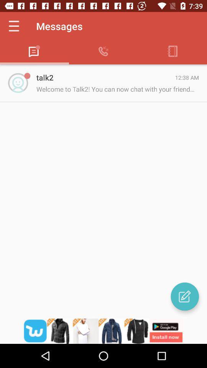 This screenshot has height=368, width=207. What do you see at coordinates (103, 331) in the screenshot?
I see `open advertisement` at bounding box center [103, 331].